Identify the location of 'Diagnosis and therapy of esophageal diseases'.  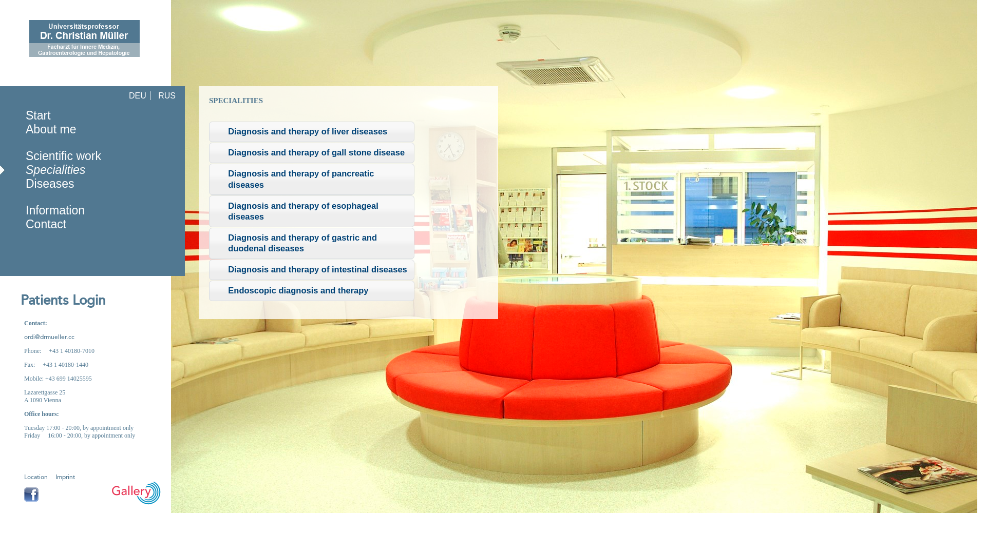
(311, 210).